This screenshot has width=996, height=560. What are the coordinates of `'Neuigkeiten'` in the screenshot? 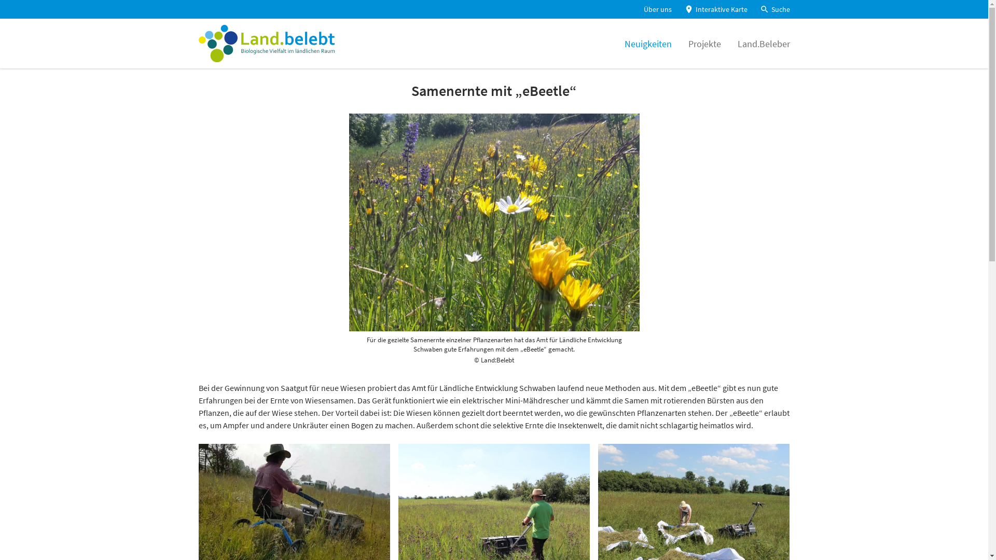 It's located at (647, 43).